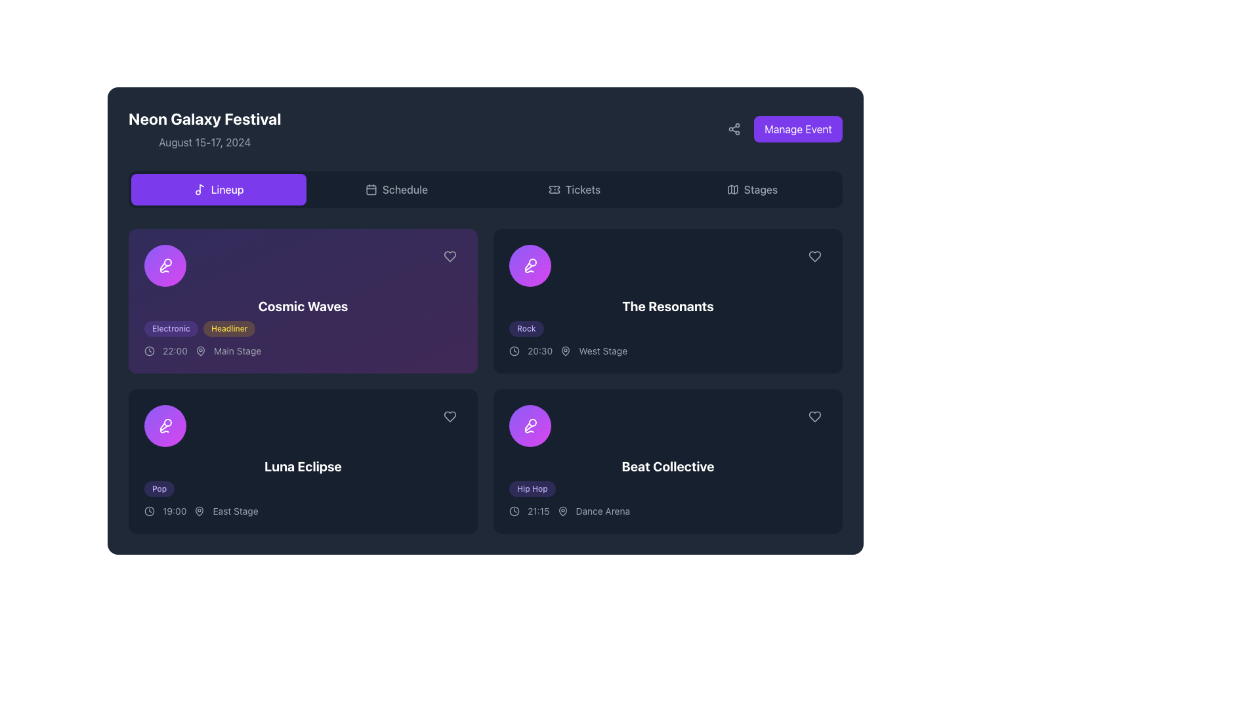  I want to click on the heart icon button located at the top-right corner of the 'Beat Collective' card, so click(814, 417).